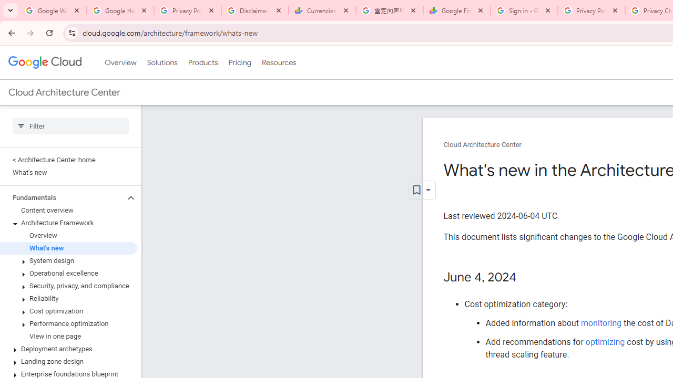 The height and width of the screenshot is (378, 673). I want to click on 'Solutions', so click(161, 62).